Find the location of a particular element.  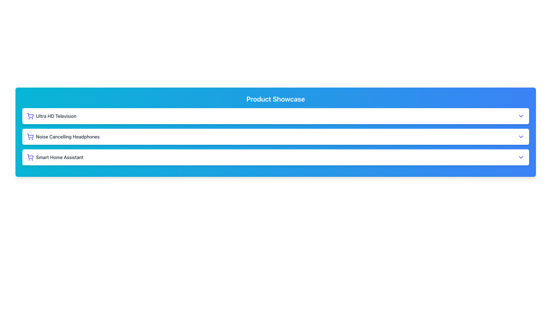

basket section of the shopping cart icon located at the top-left corner of the 'Ultra HD Television' product entry is located at coordinates (30, 115).